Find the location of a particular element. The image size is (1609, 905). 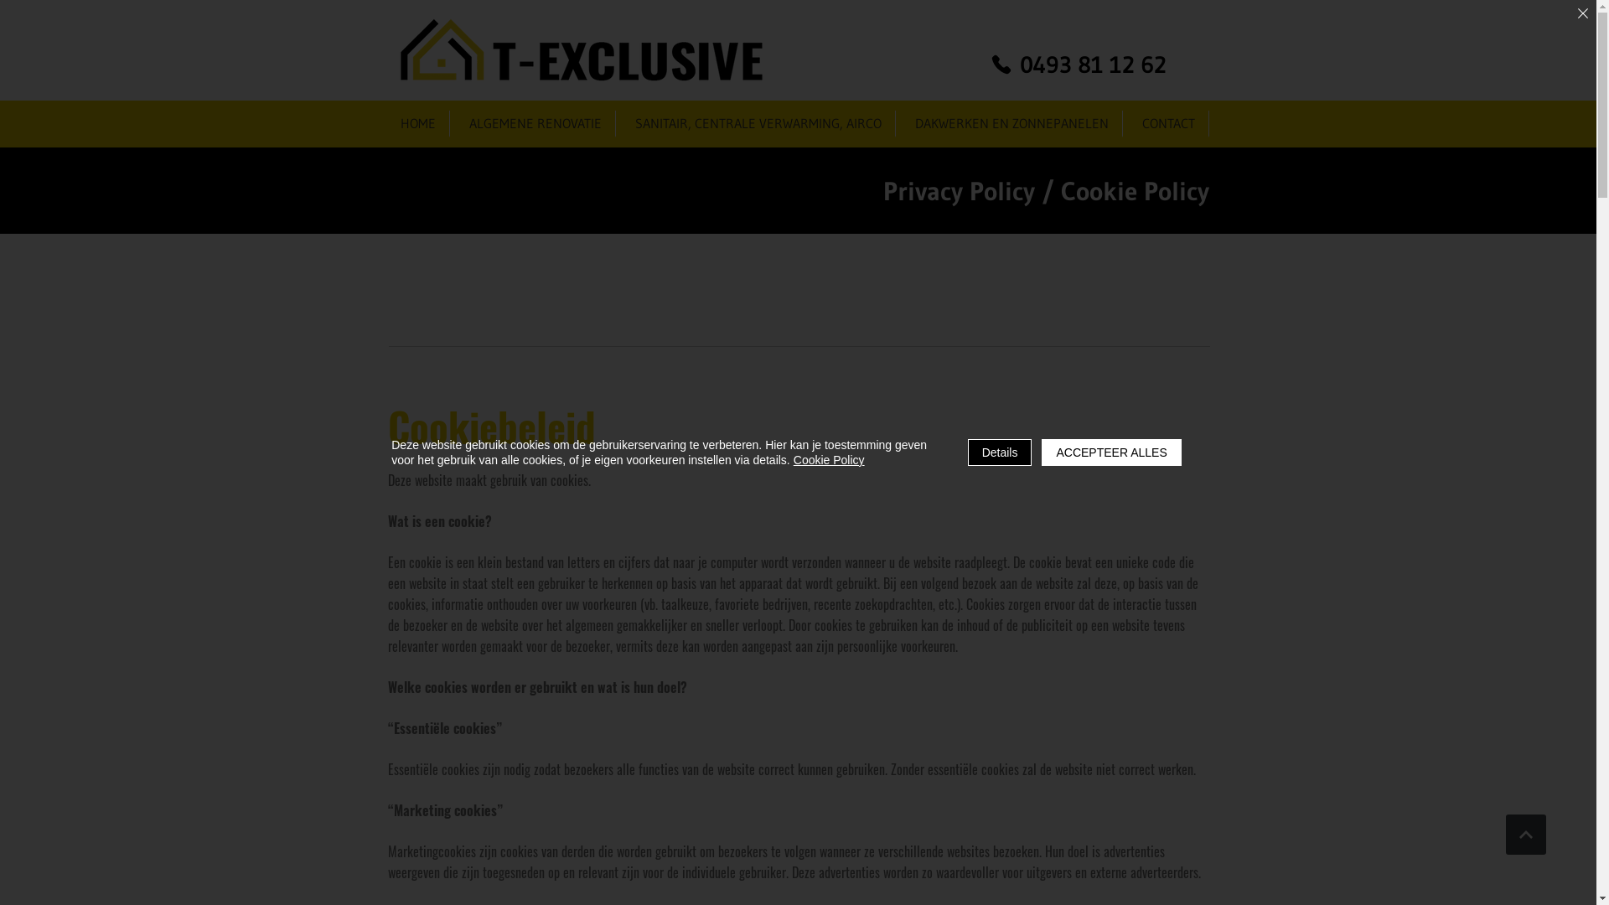

'HOME' is located at coordinates (418, 122).